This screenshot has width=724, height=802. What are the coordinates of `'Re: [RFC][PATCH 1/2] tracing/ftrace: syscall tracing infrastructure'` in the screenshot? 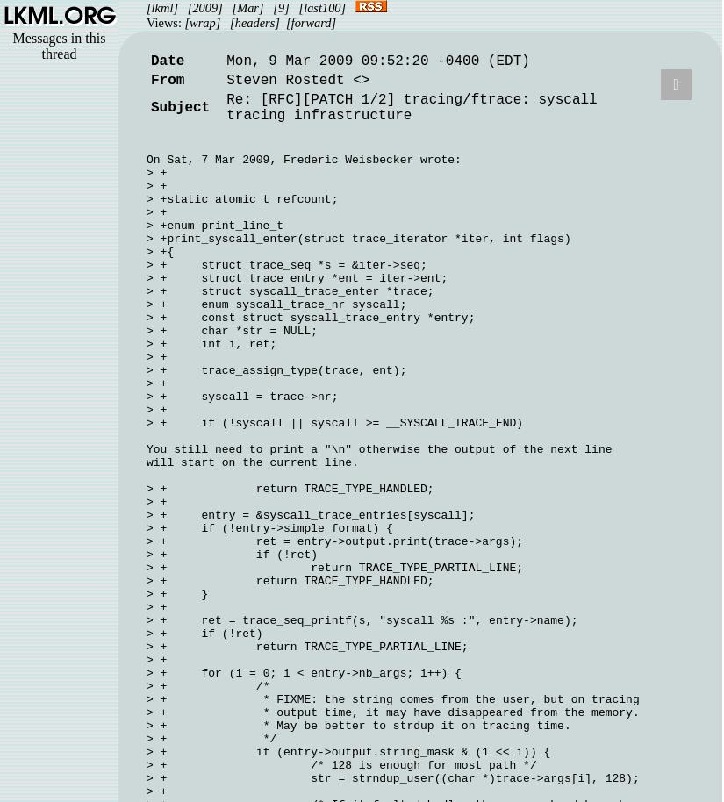 It's located at (225, 108).